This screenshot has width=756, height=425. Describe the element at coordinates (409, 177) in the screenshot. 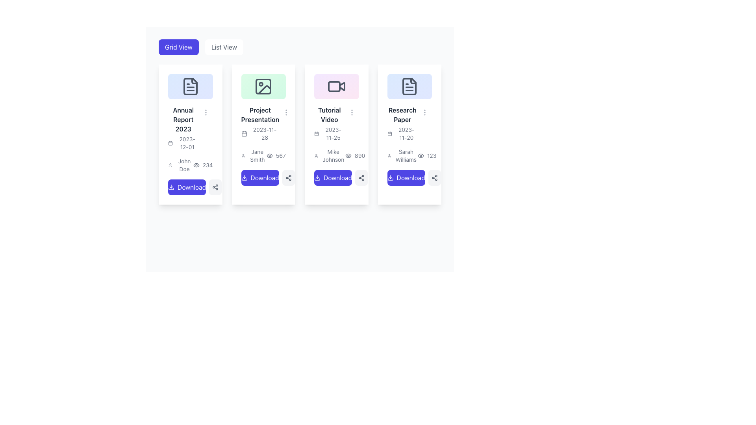

I see `the button located at the bottom of the card titled 'Research Paper' to initiate the download of the associated document` at that location.